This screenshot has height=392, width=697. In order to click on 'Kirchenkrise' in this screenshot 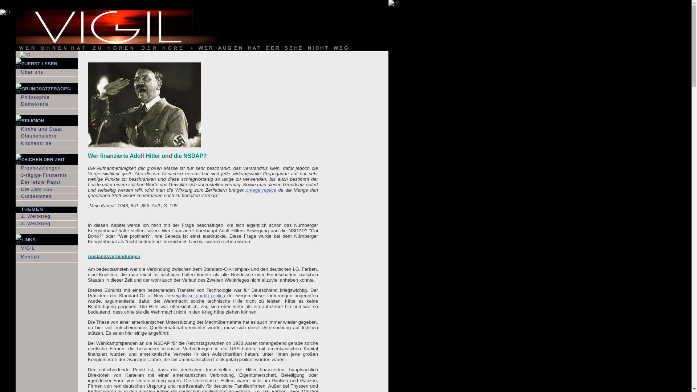, I will do `click(46, 143)`.